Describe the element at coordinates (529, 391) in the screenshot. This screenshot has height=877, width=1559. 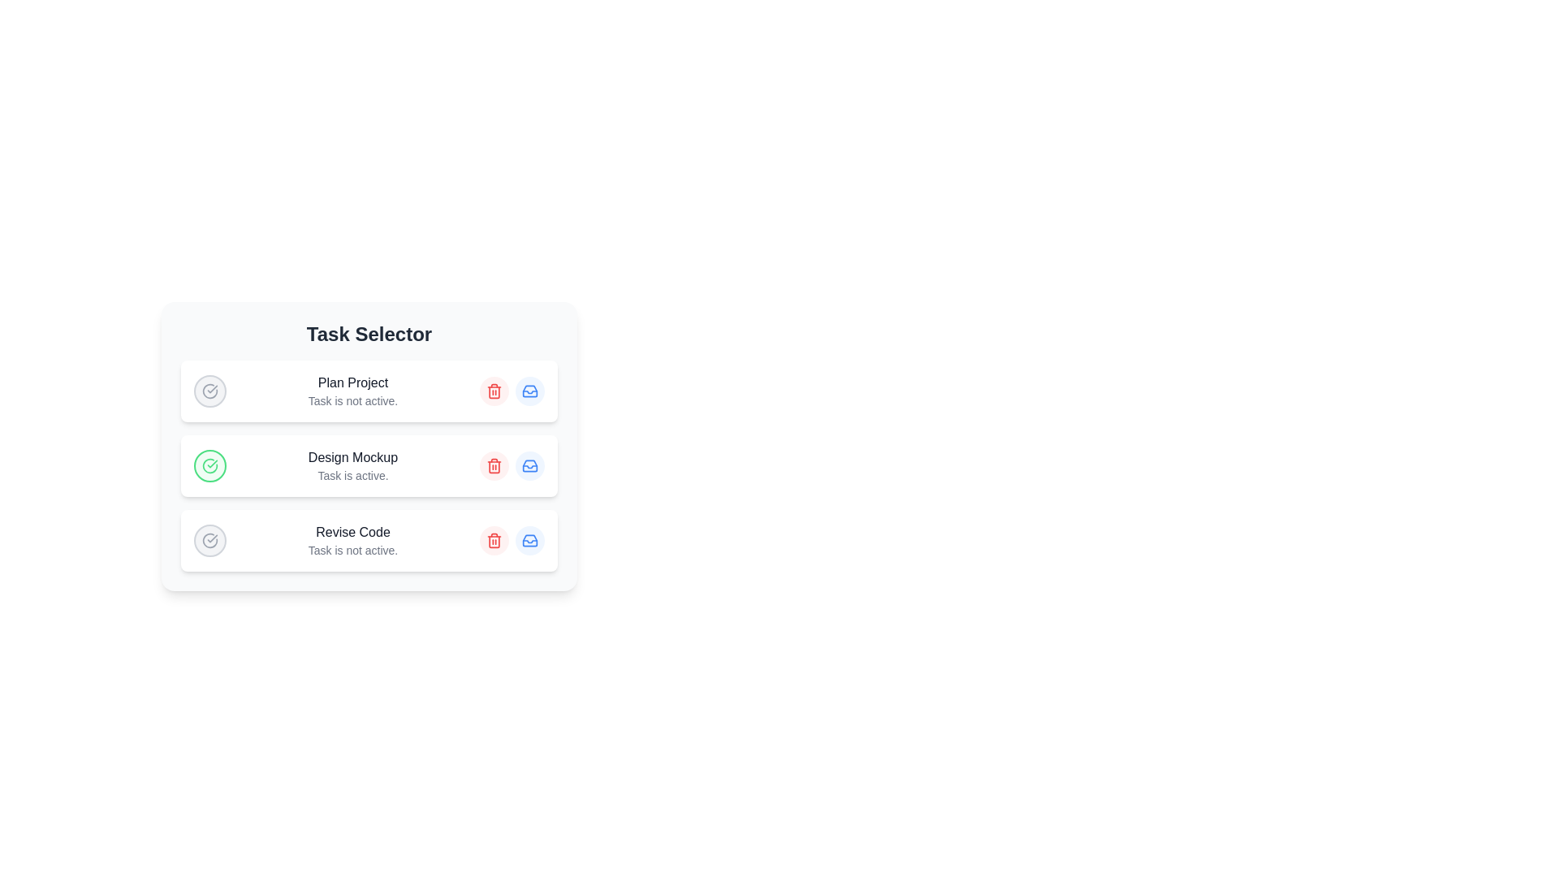
I see `the inbox icon located at the right end of the 'Plan Project' row` at that location.